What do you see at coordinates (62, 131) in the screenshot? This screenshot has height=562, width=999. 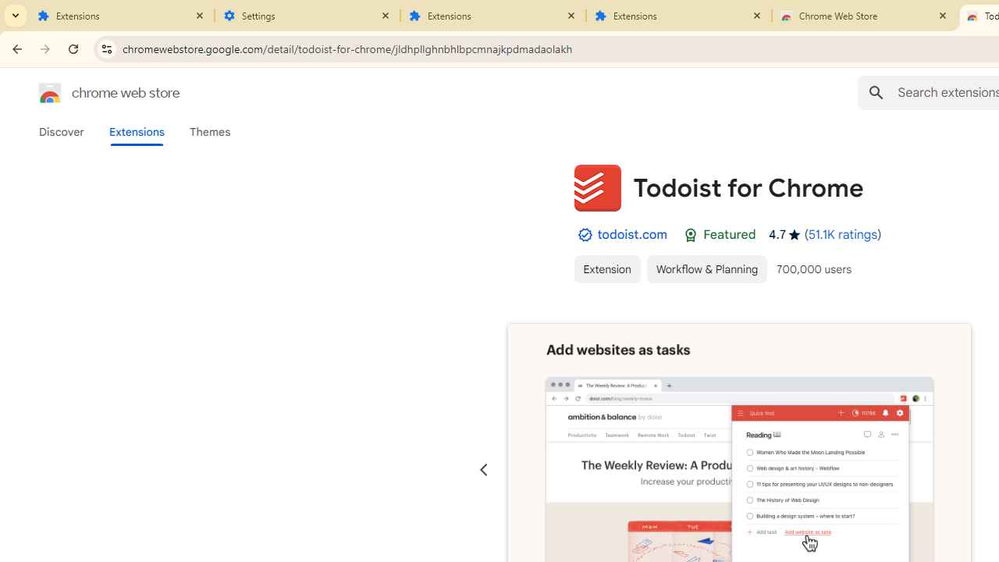 I see `'Discover'` at bounding box center [62, 131].